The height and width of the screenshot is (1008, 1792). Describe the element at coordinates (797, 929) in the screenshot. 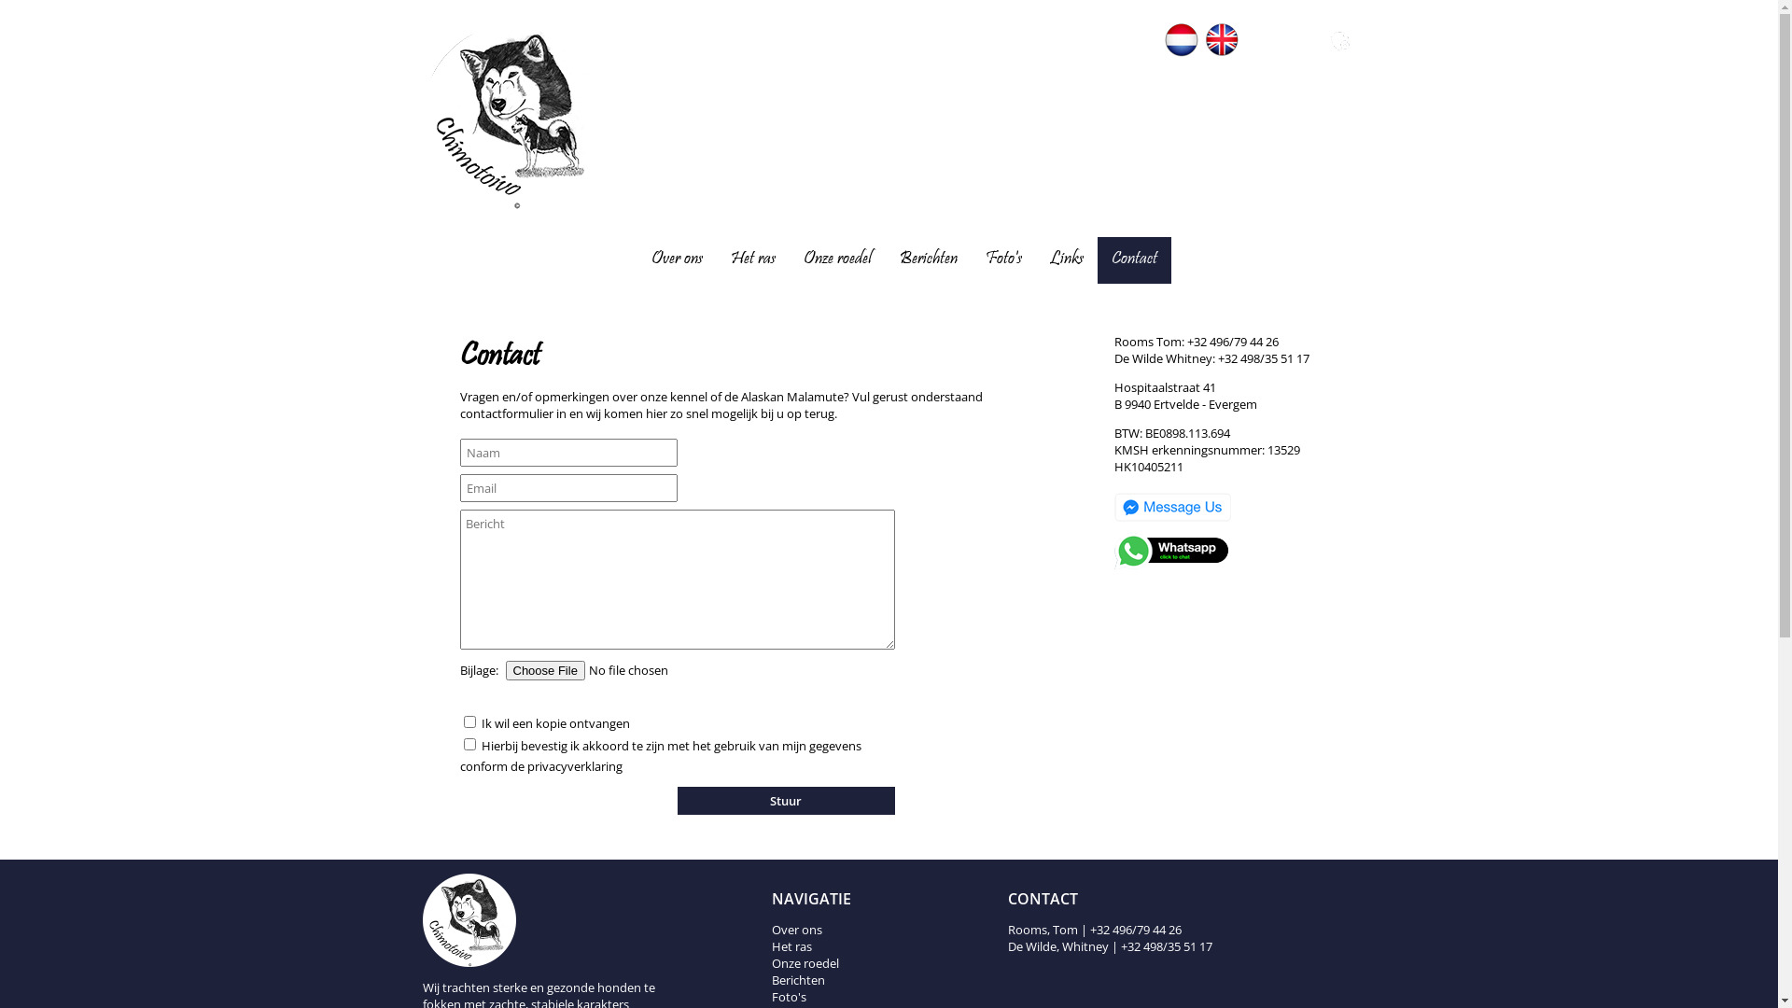

I see `'Over ons'` at that location.